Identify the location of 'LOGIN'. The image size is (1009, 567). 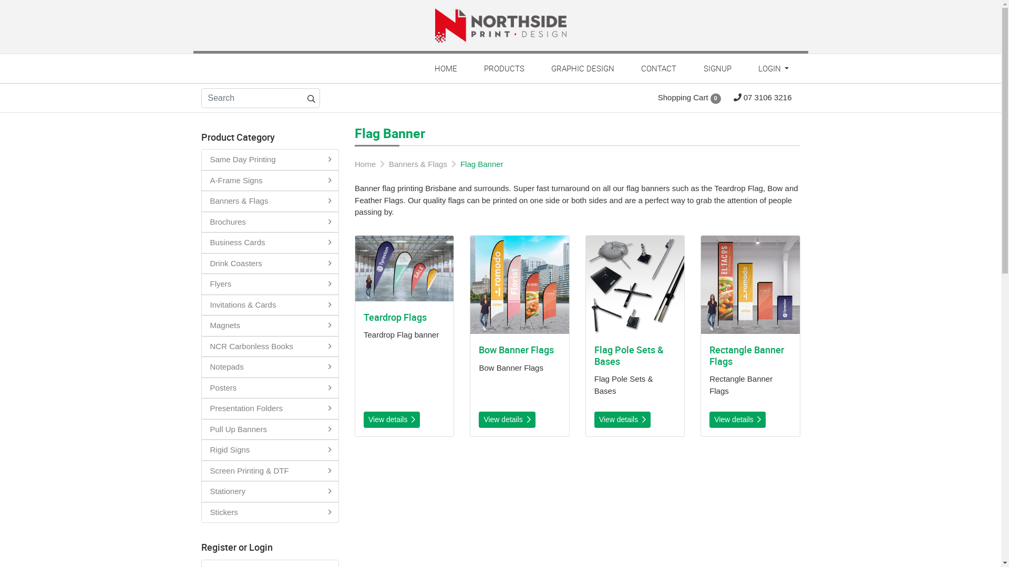
(744, 68).